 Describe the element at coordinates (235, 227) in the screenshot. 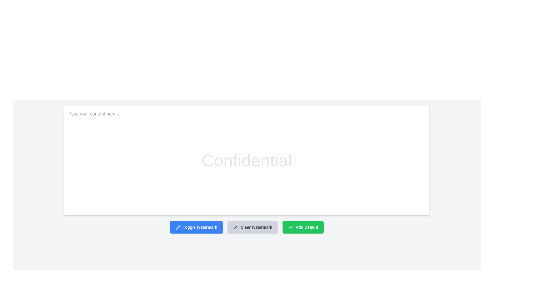

I see `the 'Clear Watermark' button, which features an icon suggesting a clearing action, positioned to the left of the button's text label` at that location.